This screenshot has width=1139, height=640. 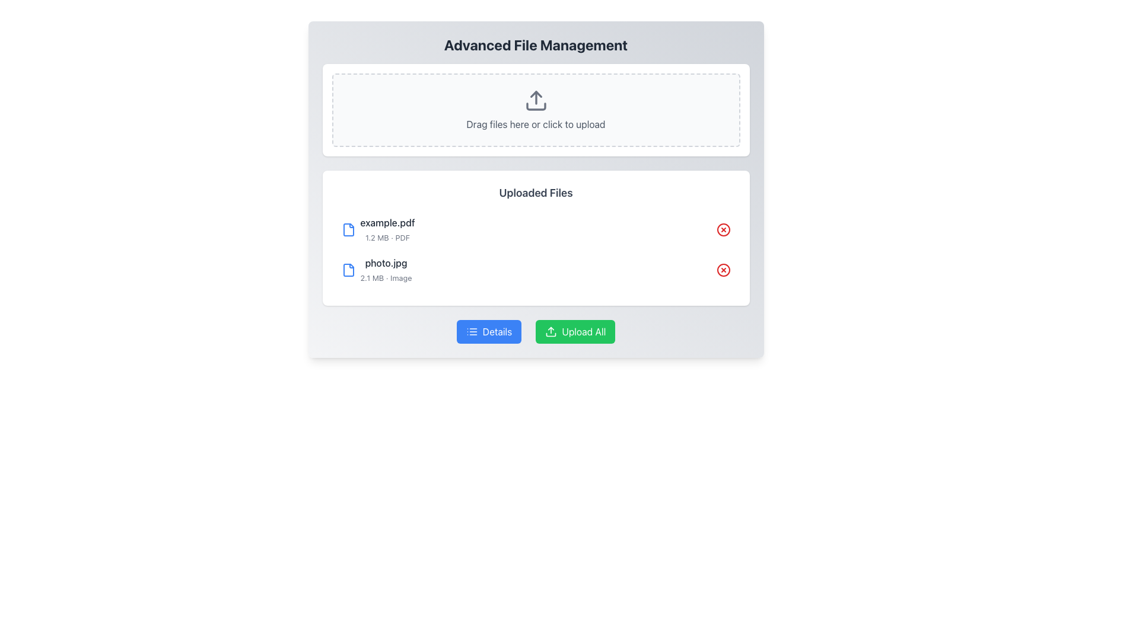 I want to click on the appearance of the green upload icon located to the left of the 'Upload All' button in the bottom-right corner of the application interface, so click(x=551, y=331).